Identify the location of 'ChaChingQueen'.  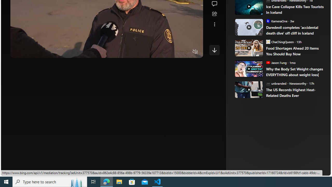
(268, 41).